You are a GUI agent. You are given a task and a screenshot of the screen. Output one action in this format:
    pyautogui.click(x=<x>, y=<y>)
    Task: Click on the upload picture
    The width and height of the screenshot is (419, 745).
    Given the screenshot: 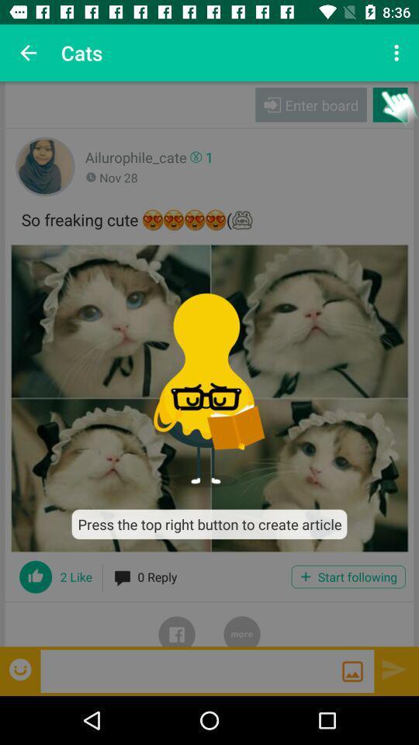 What is the action you would take?
    pyautogui.click(x=352, y=670)
    